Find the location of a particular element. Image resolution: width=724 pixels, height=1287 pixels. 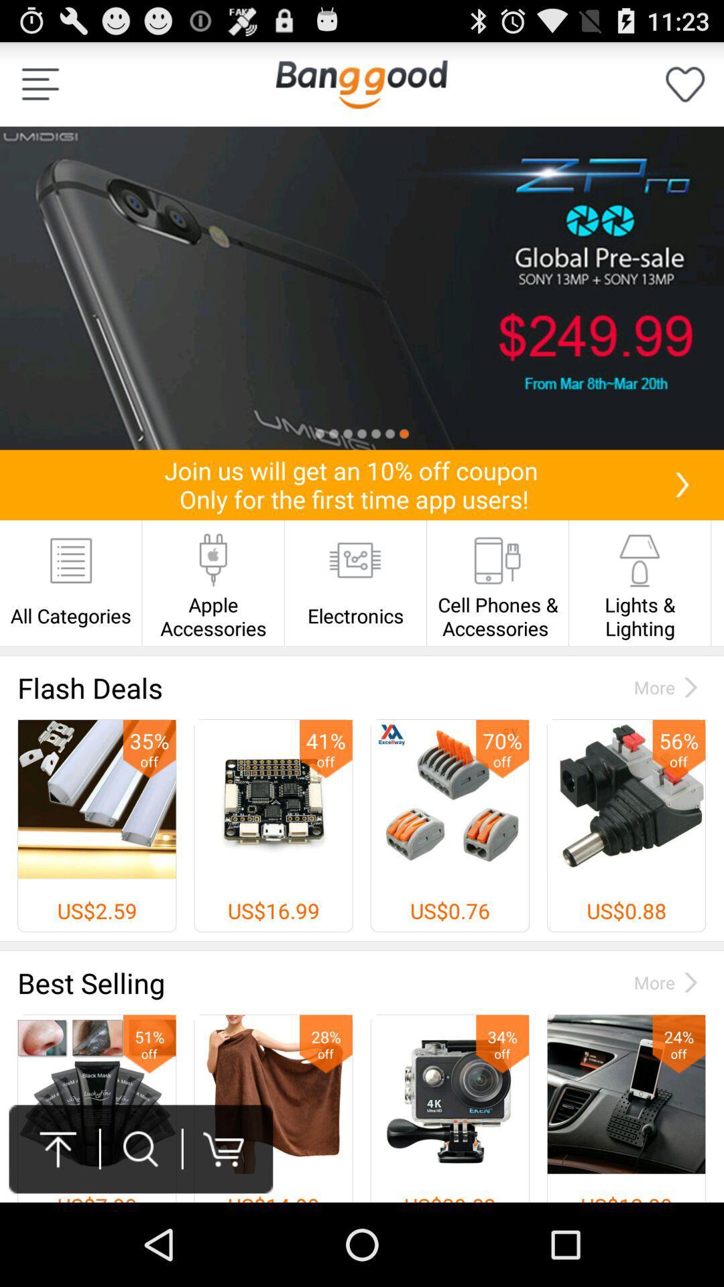

advertisement is located at coordinates (362, 288).